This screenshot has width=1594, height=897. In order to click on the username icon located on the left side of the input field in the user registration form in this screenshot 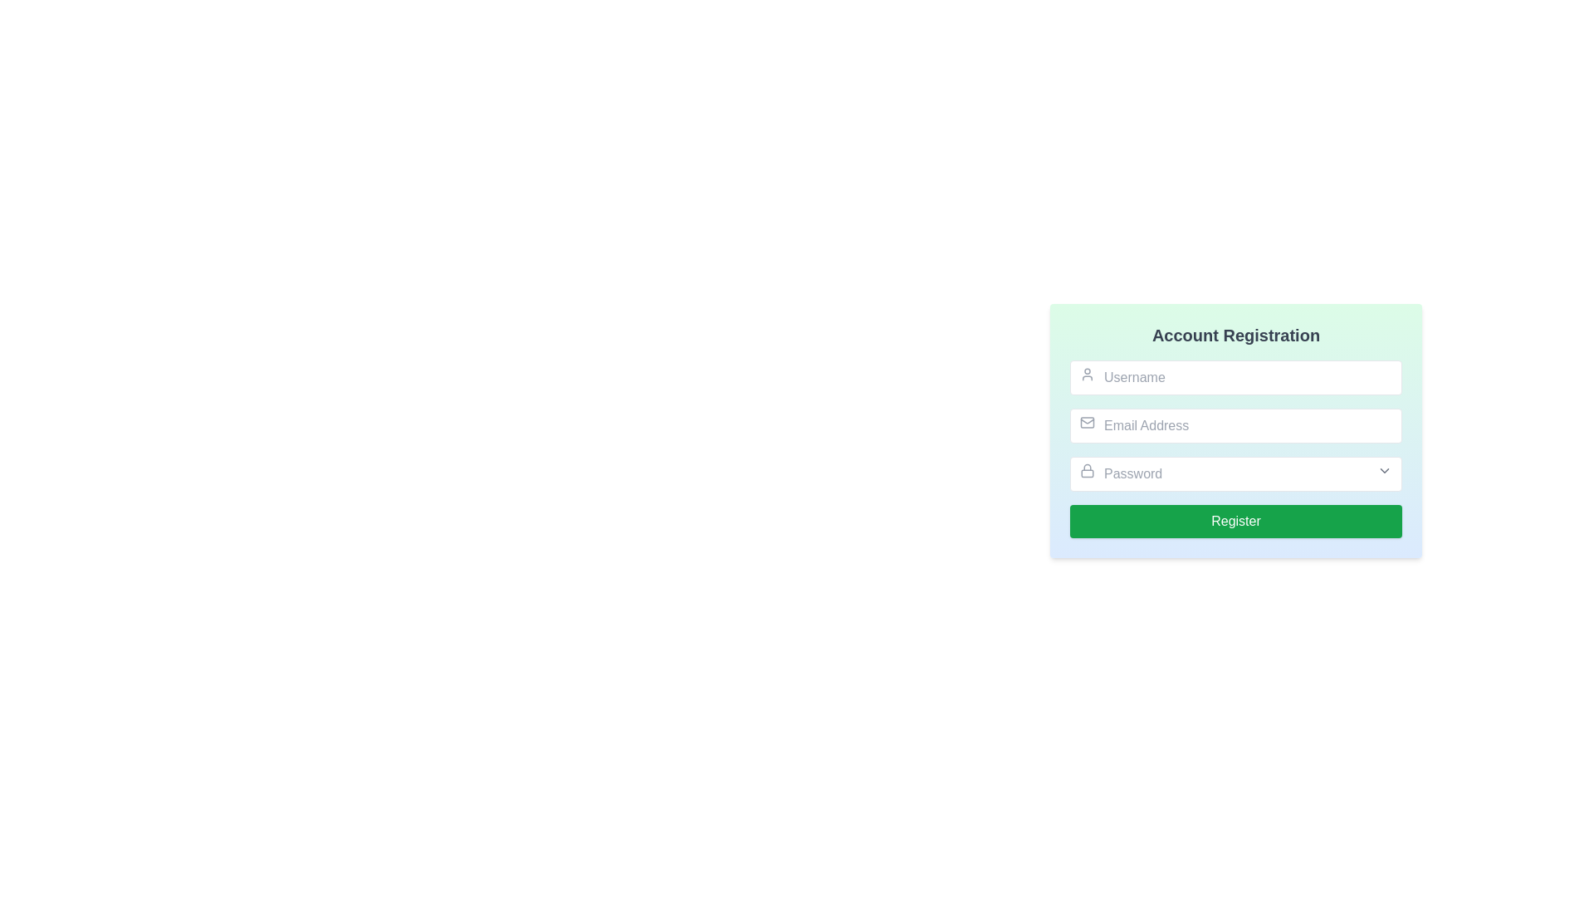, I will do `click(1088, 375)`.